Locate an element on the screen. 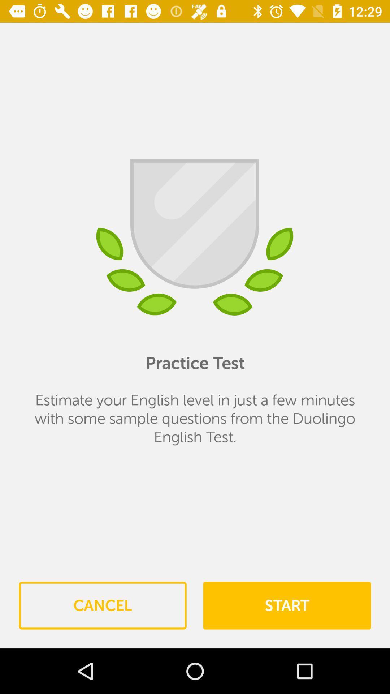 This screenshot has height=694, width=390. the start icon is located at coordinates (286, 605).